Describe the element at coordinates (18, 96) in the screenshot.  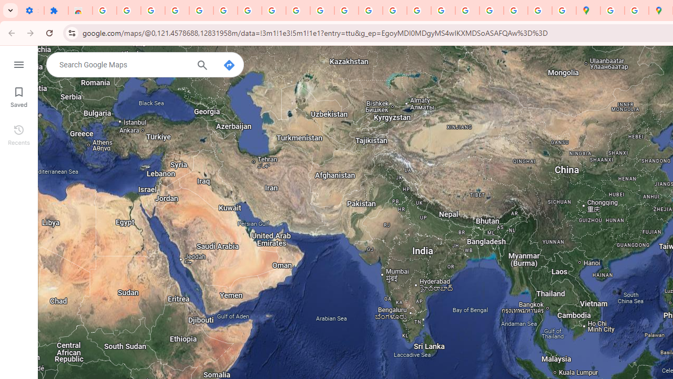
I see `'Saved'` at that location.